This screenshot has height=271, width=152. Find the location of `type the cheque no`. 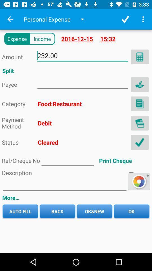

type the cheque no is located at coordinates (68, 160).